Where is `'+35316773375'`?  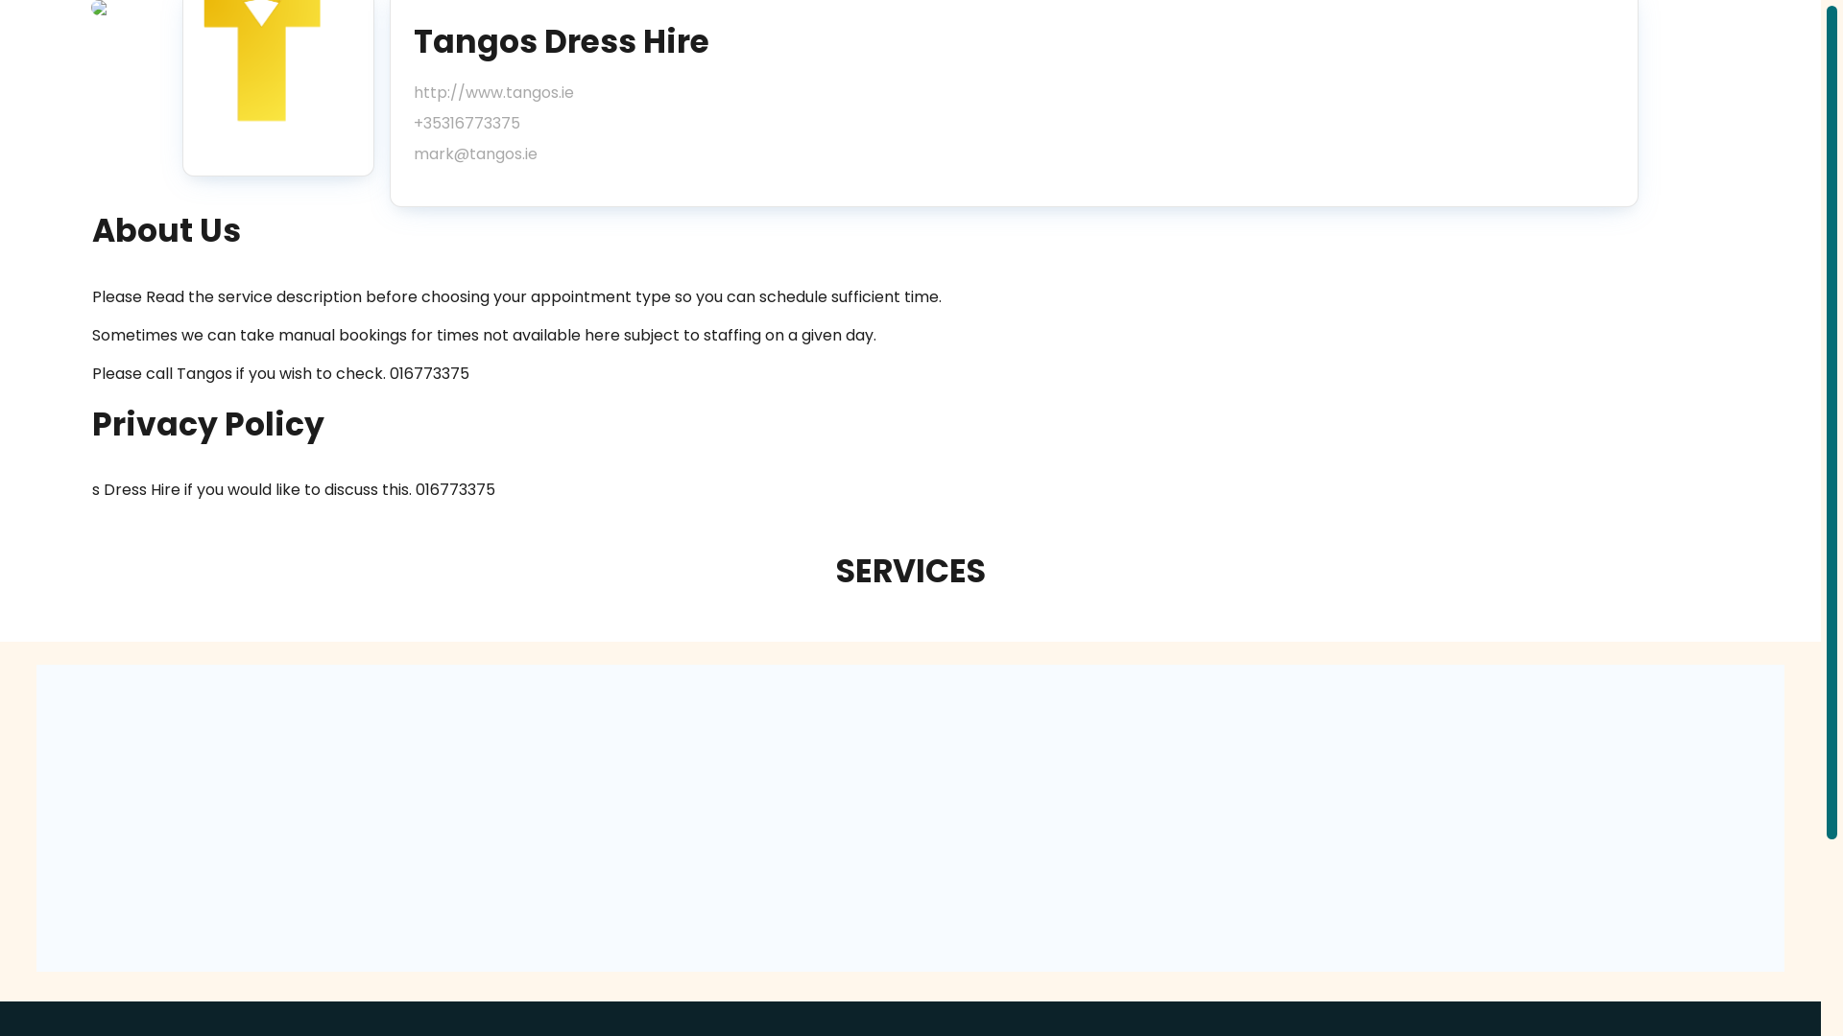
'+35316773375' is located at coordinates (413, 123).